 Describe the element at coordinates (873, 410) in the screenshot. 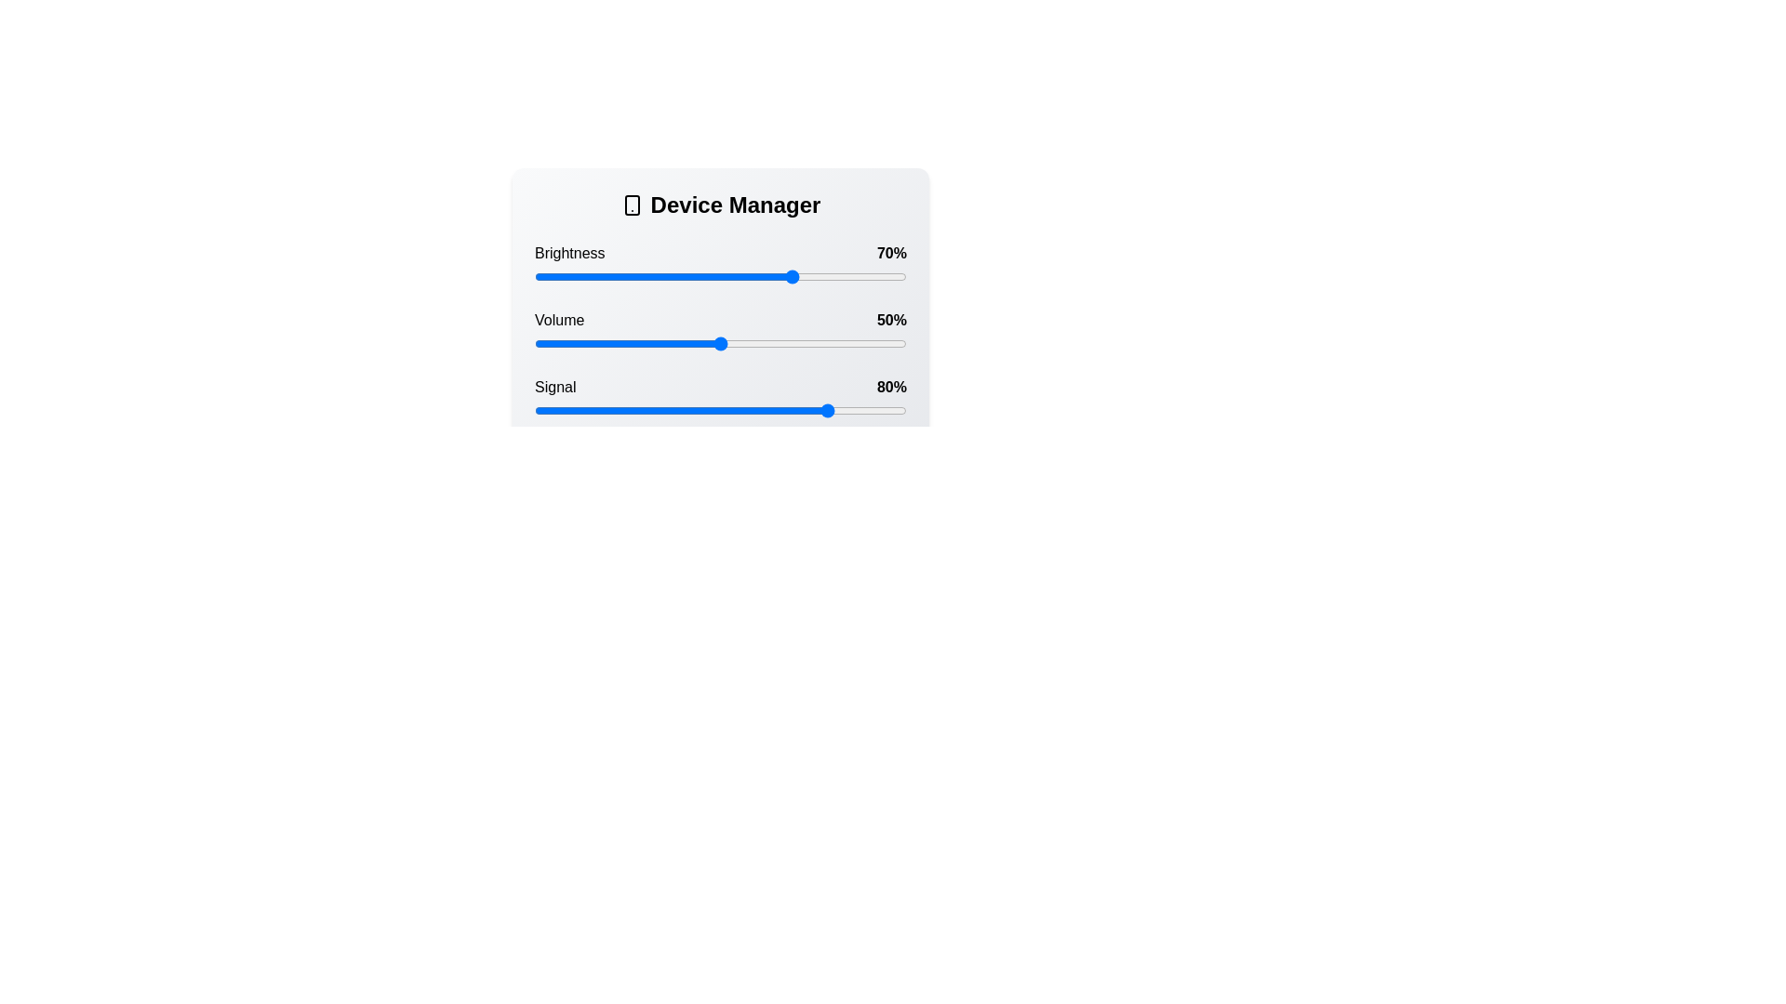

I see `the signal slider to 91%` at that location.